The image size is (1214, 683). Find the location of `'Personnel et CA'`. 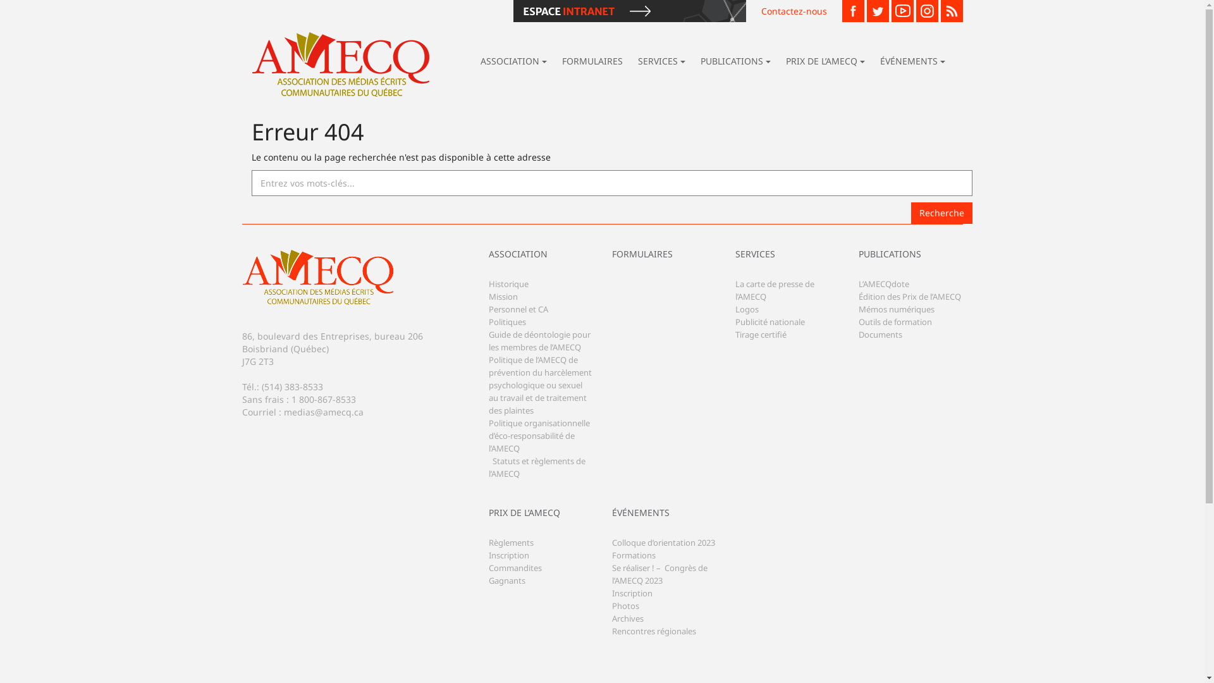

'Personnel et CA' is located at coordinates (518, 318).